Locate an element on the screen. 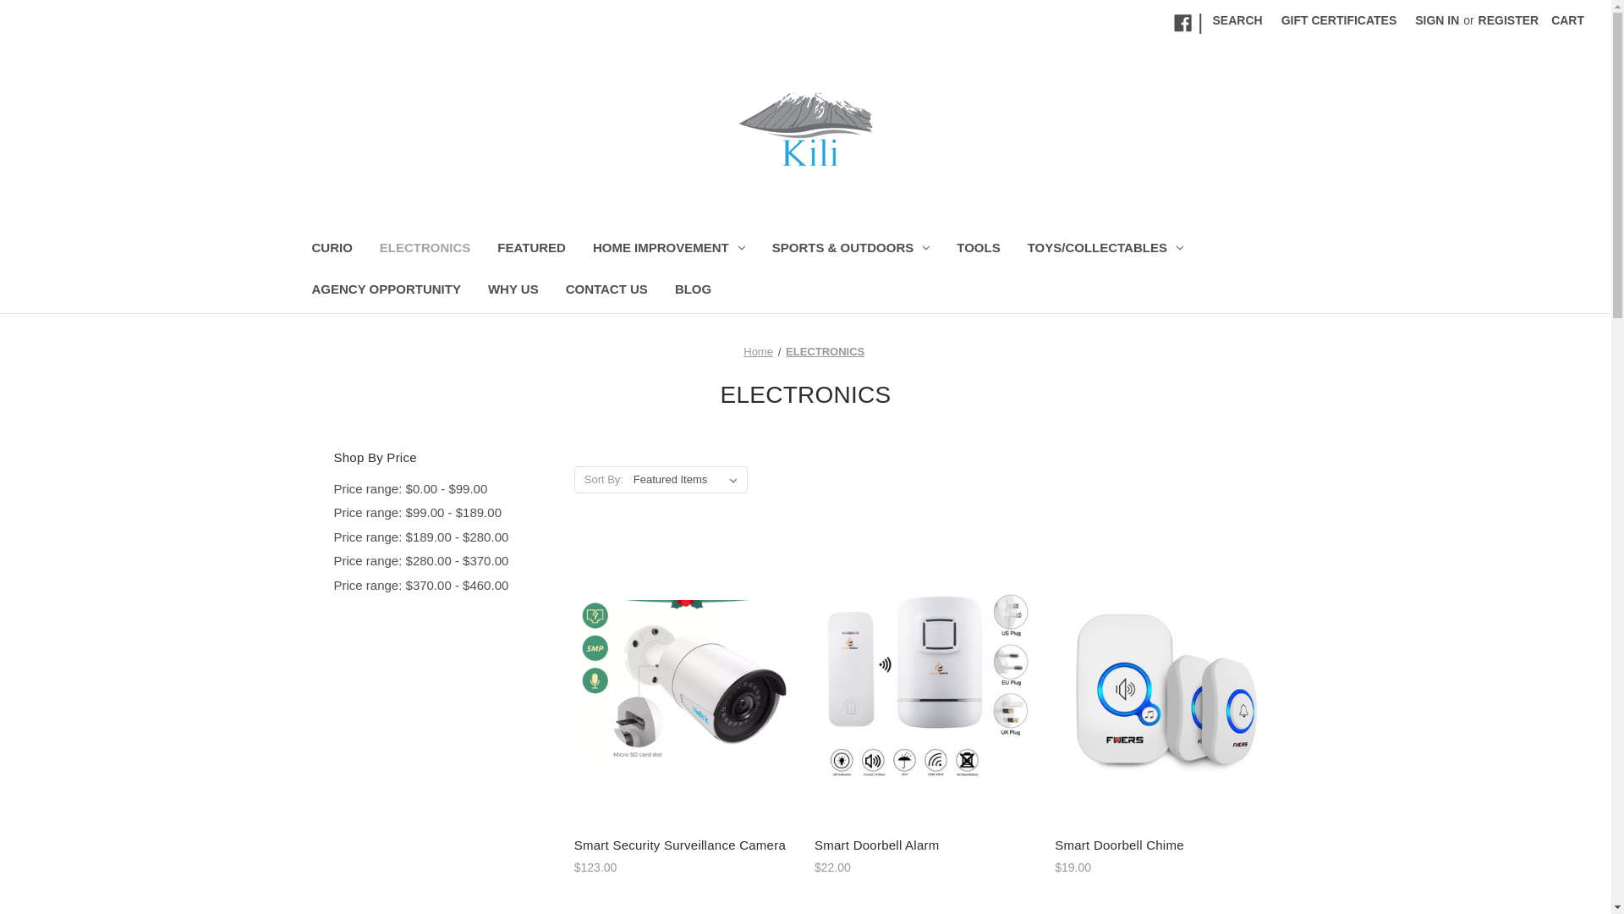 The height and width of the screenshot is (914, 1624). 'Price range: $370.00 - $460.00' is located at coordinates (444, 585).